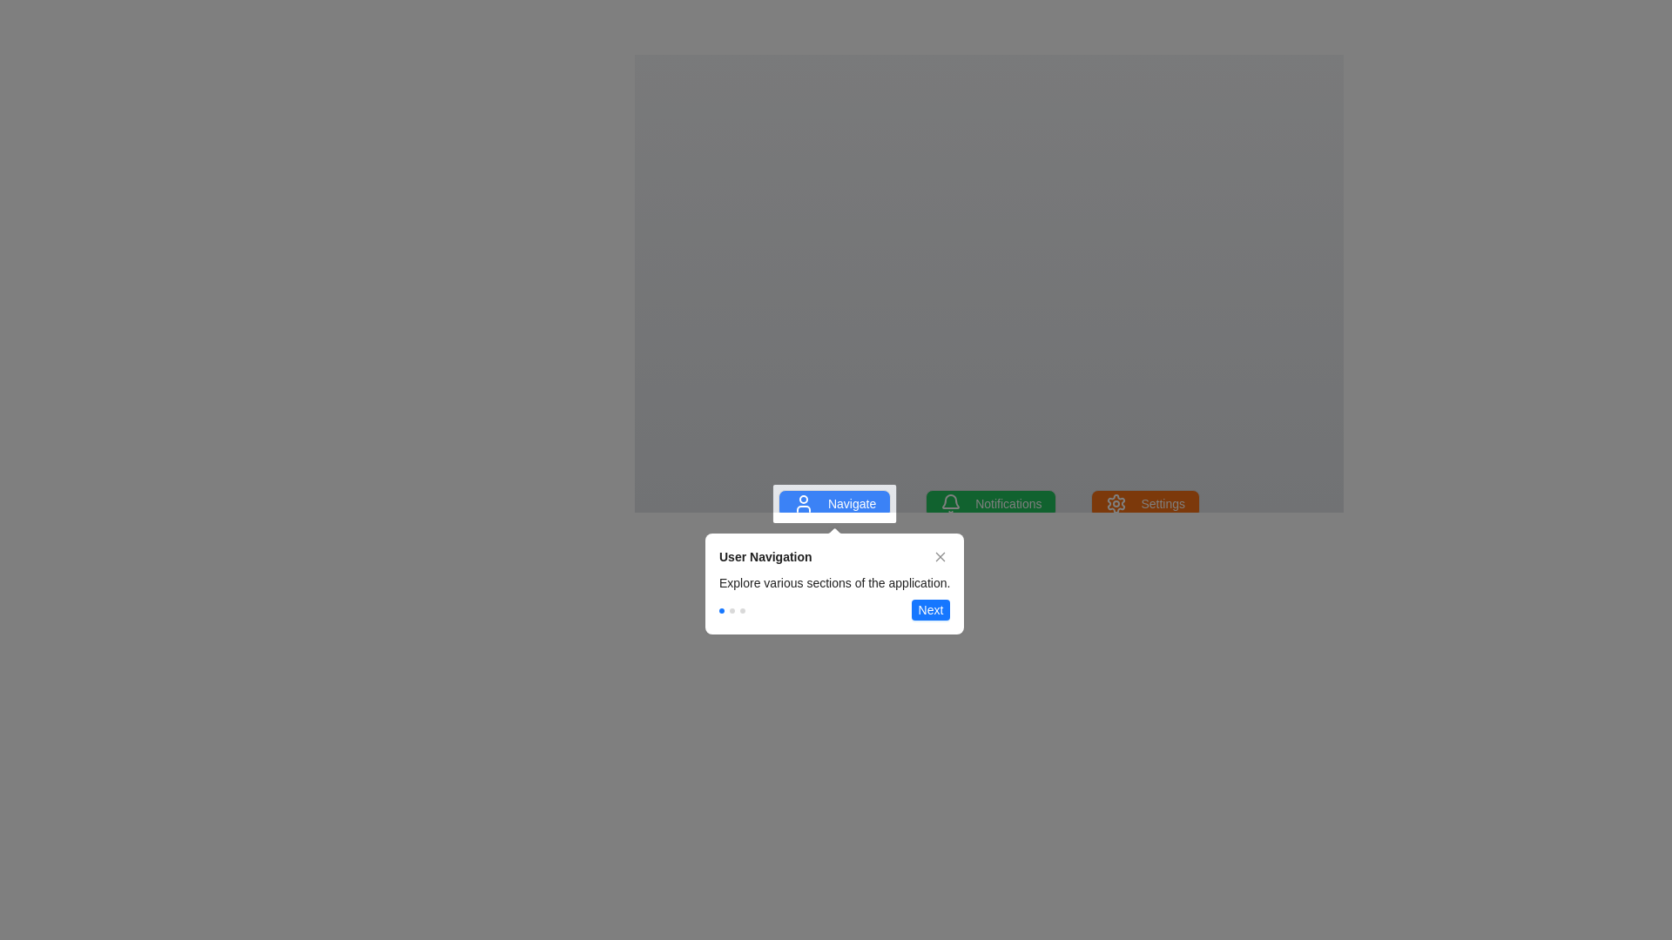 This screenshot has height=940, width=1672. I want to click on the notifications button located between the 'Navigate' button and the 'Settings' button at the bottom center of the interface, so click(1008, 503).